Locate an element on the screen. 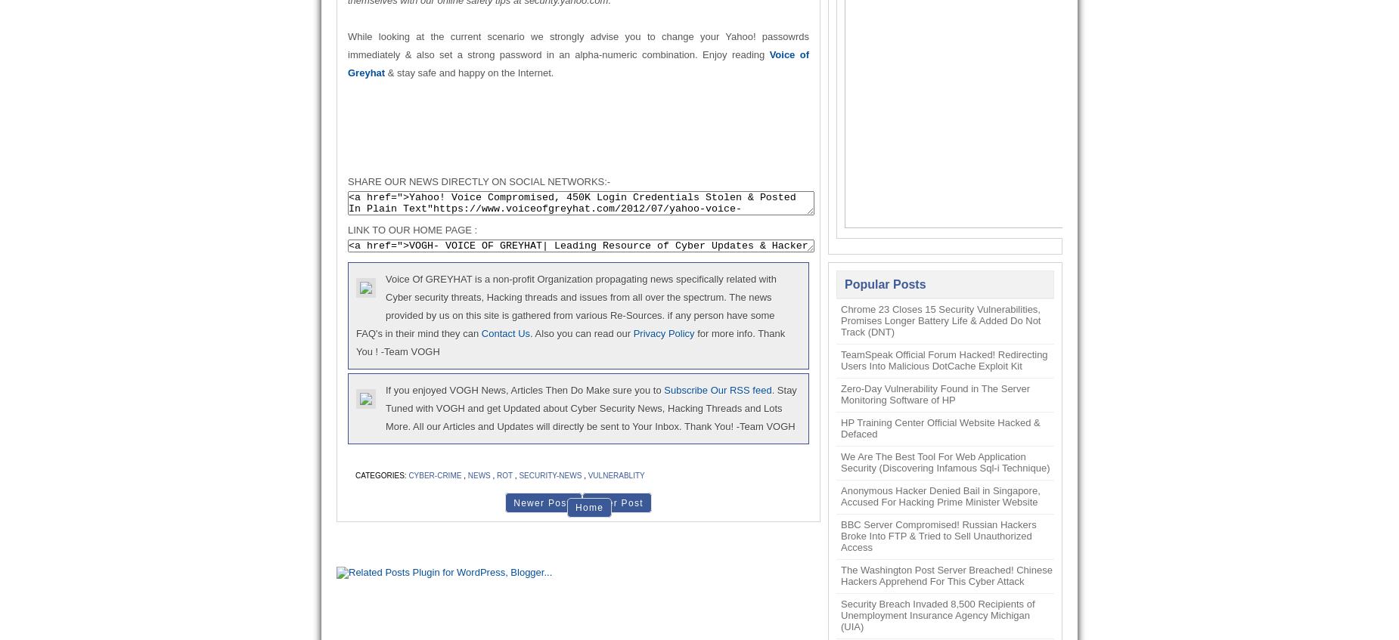 Image resolution: width=1399 pixels, height=640 pixels. 'Voice Of GREYHAT is a non-profit Organization propagating news specifically related with  Cyber security threats, Hacking threads and issues from all over the spectrum. The news provided by us on this site is gathered from various Re-Sources. if any person have some FAQ's in their mind they can' is located at coordinates (566, 305).